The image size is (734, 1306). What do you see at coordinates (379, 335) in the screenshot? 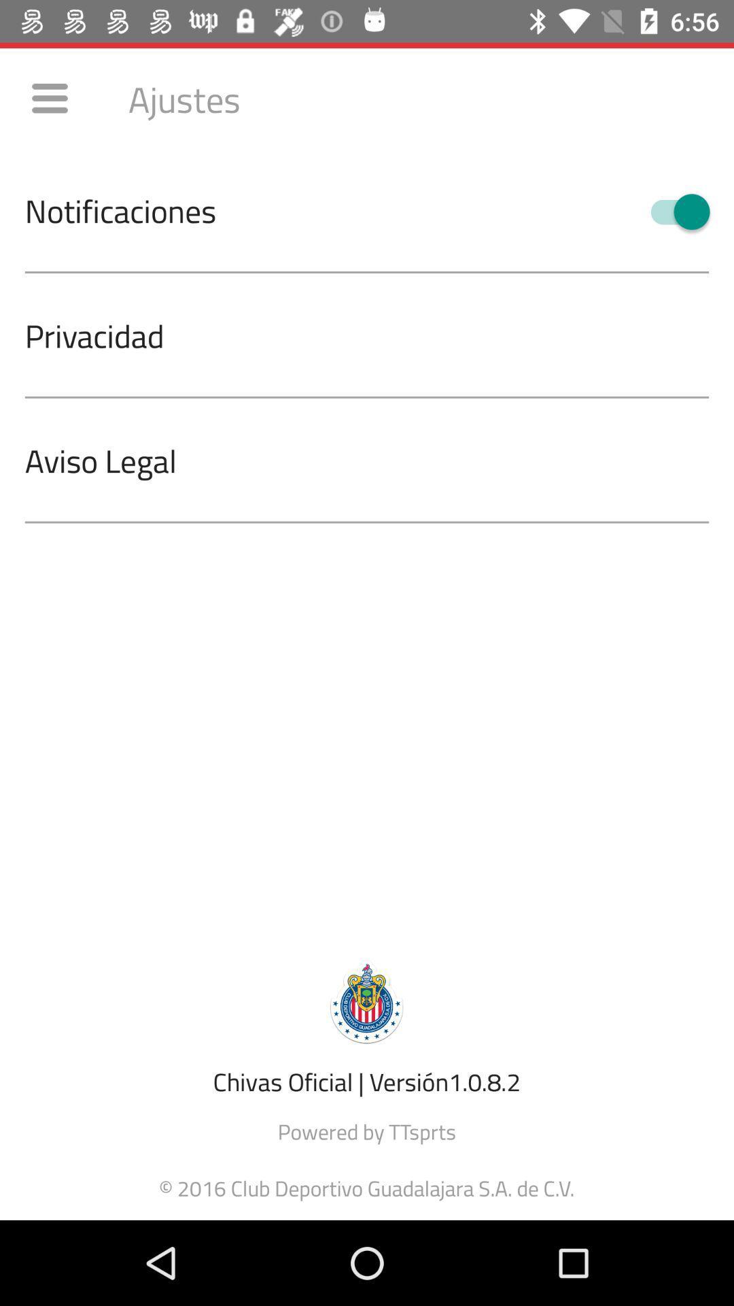
I see `privacidad icon` at bounding box center [379, 335].